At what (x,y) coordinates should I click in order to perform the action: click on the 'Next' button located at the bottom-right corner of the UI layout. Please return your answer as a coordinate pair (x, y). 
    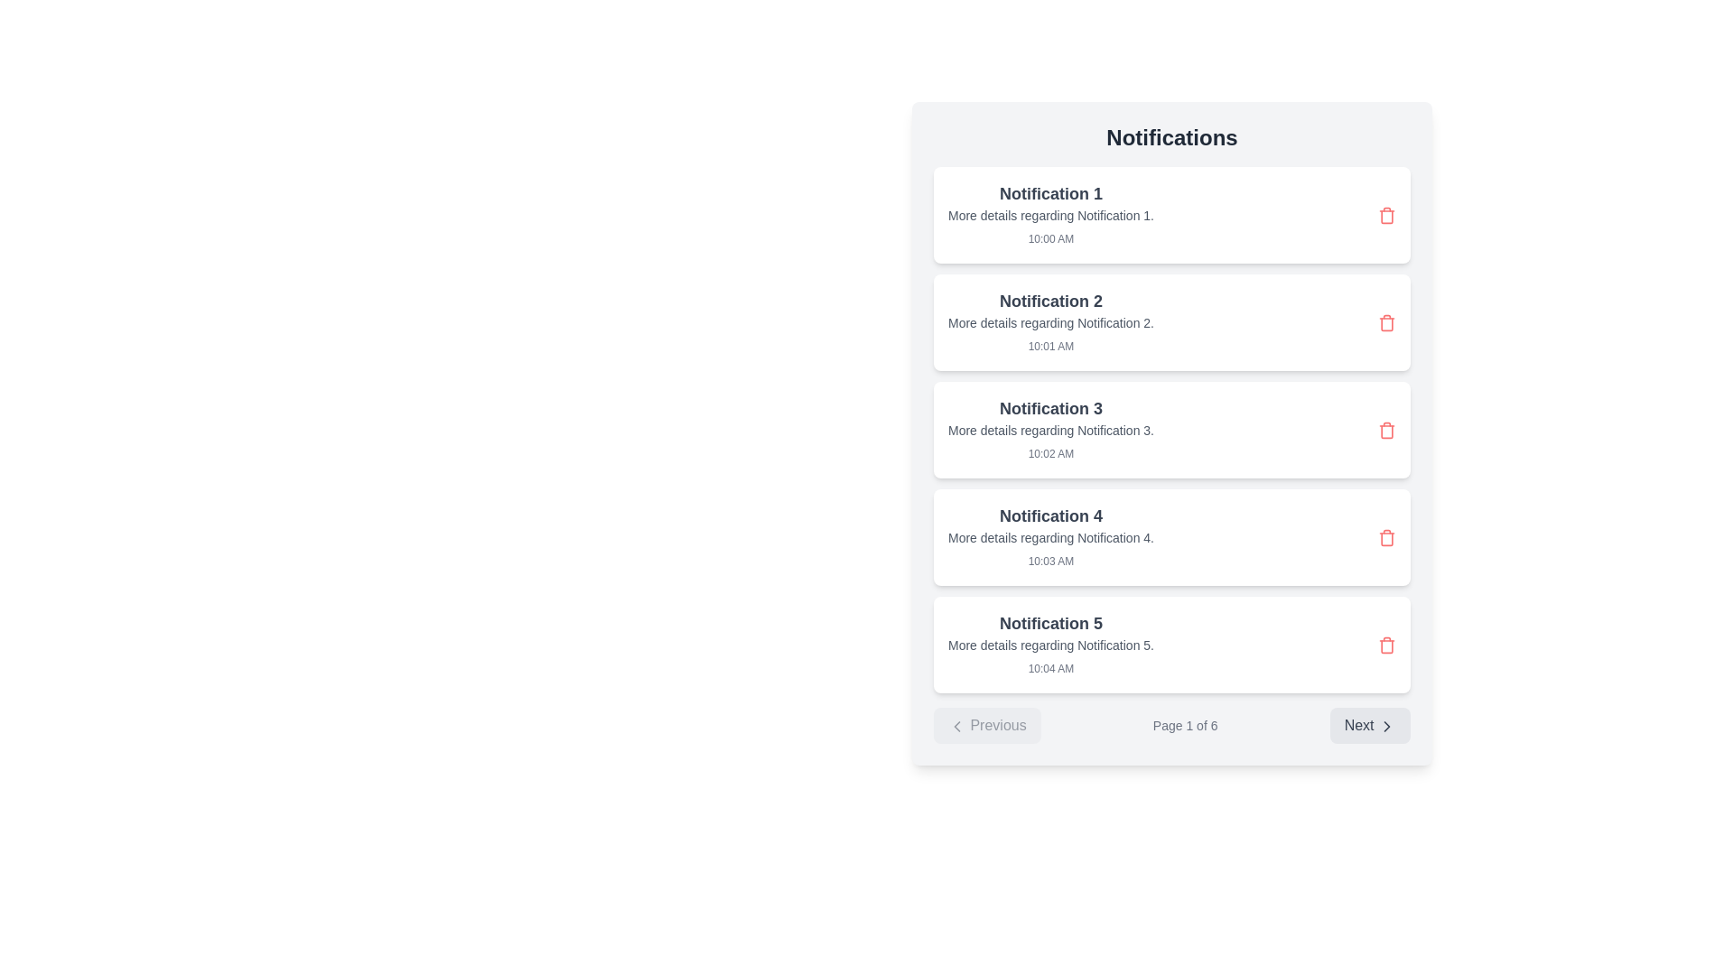
    Looking at the image, I should click on (1386, 725).